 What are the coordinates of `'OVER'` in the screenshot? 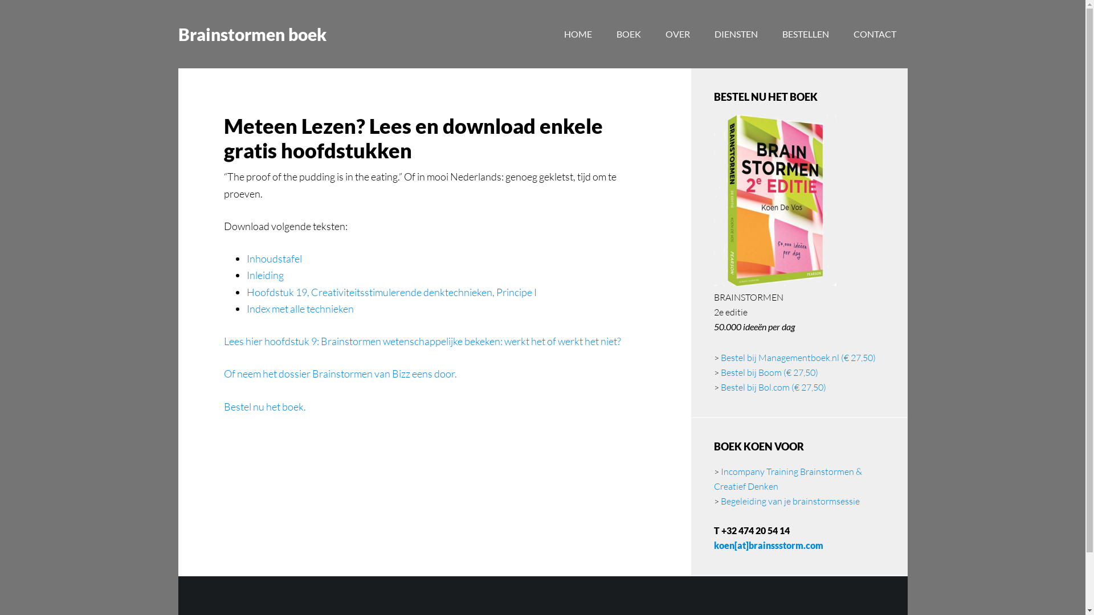 It's located at (677, 34).